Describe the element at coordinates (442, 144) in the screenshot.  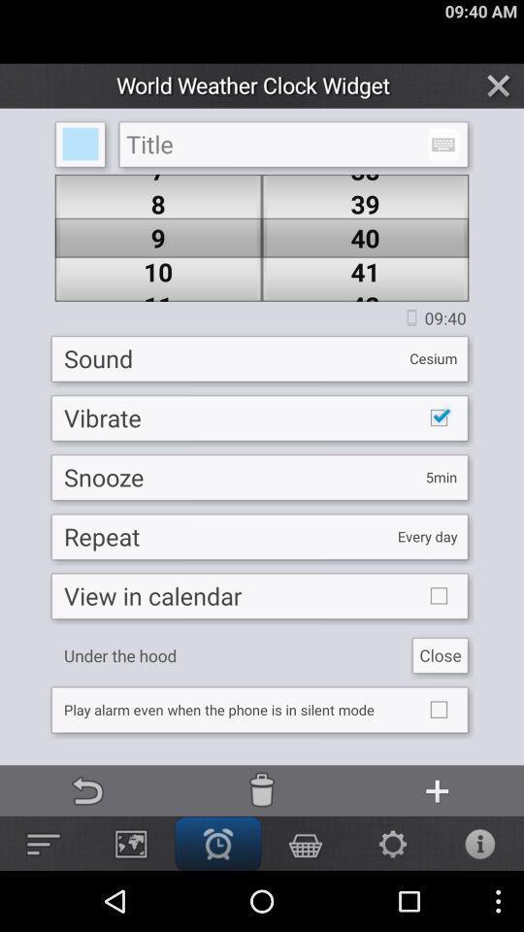
I see `opens an onl screen keyboard` at that location.